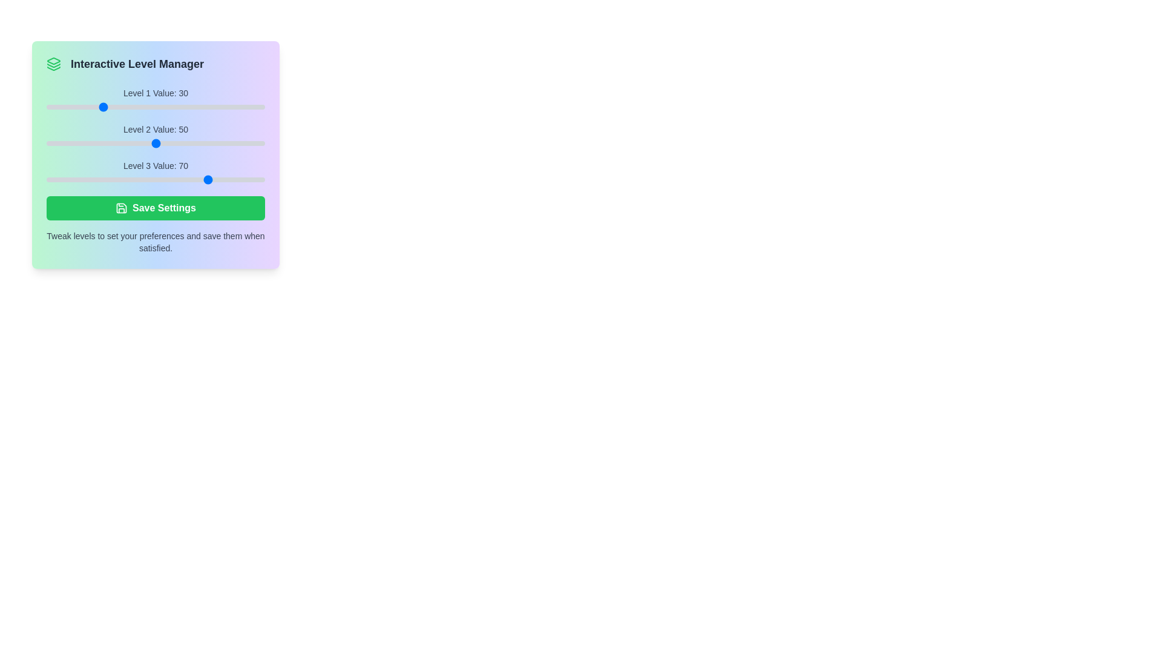 Image resolution: width=1162 pixels, height=654 pixels. I want to click on the slider value, so click(194, 142).